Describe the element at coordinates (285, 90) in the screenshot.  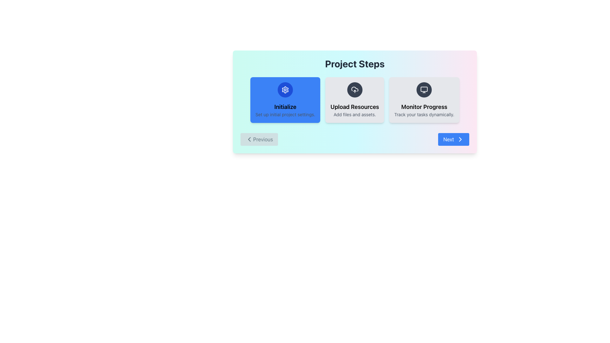
I see `the circular blue icon with a white gear symbol located at the top-center of the 'Initialize' card in the 'Project Steps' panel` at that location.